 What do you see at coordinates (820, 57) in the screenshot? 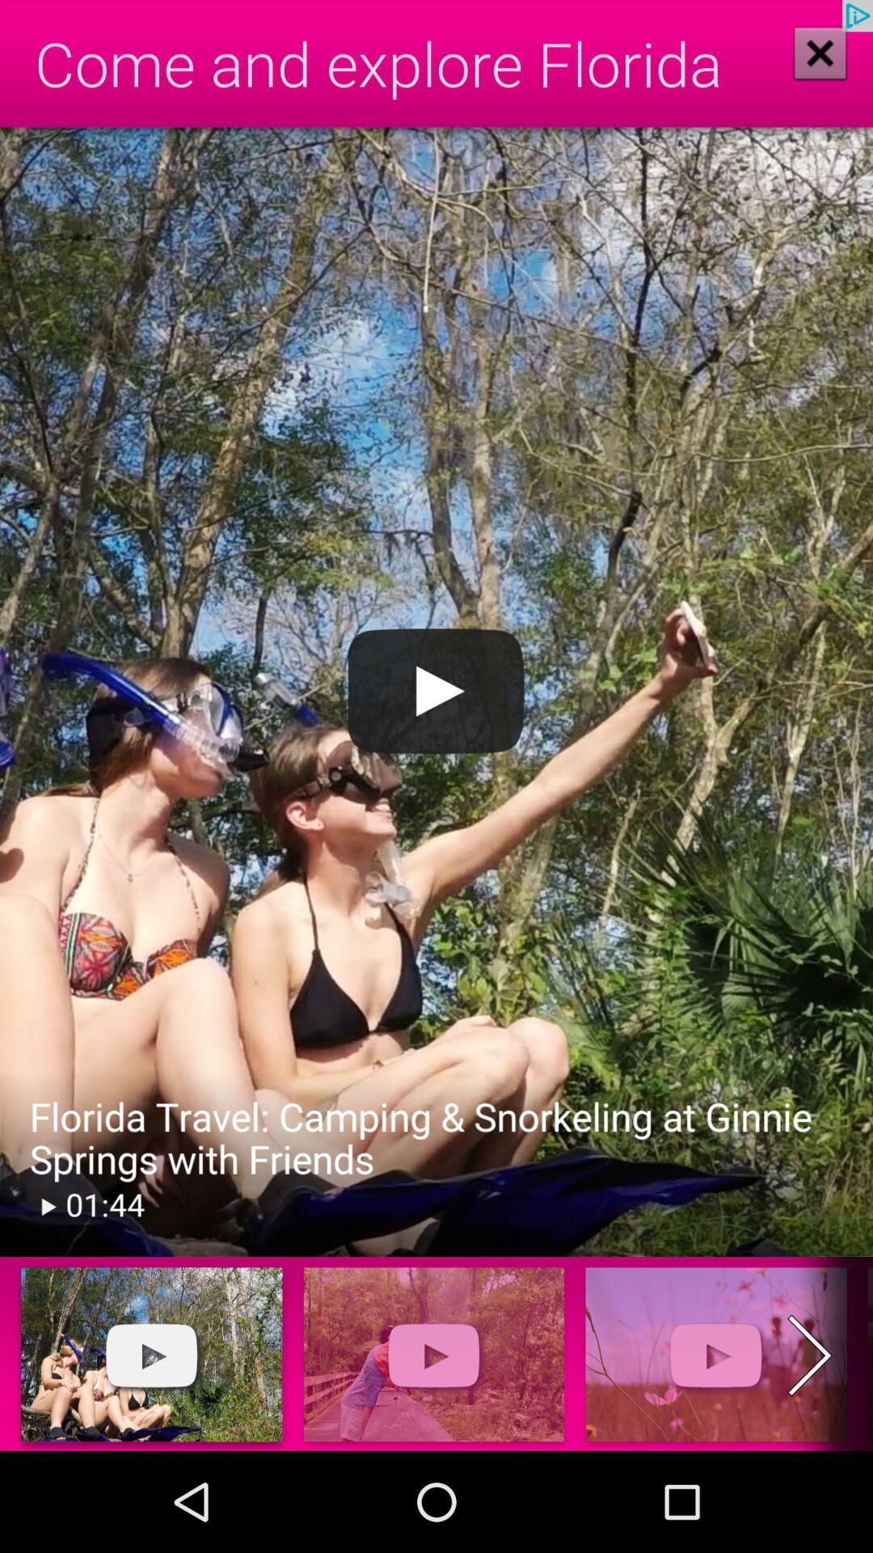
I see `the close icon` at bounding box center [820, 57].